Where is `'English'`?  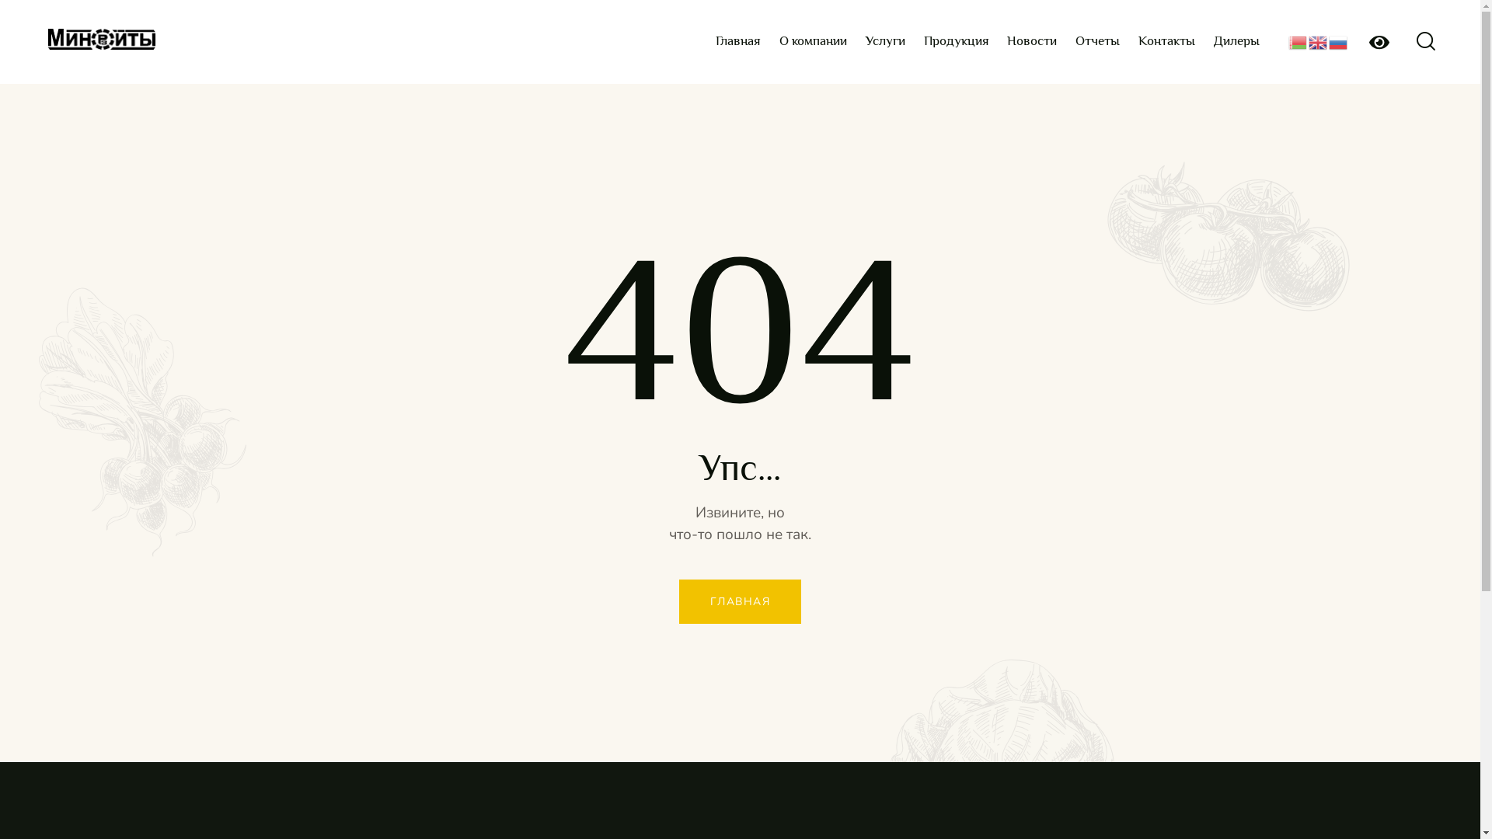 'English' is located at coordinates (1318, 40).